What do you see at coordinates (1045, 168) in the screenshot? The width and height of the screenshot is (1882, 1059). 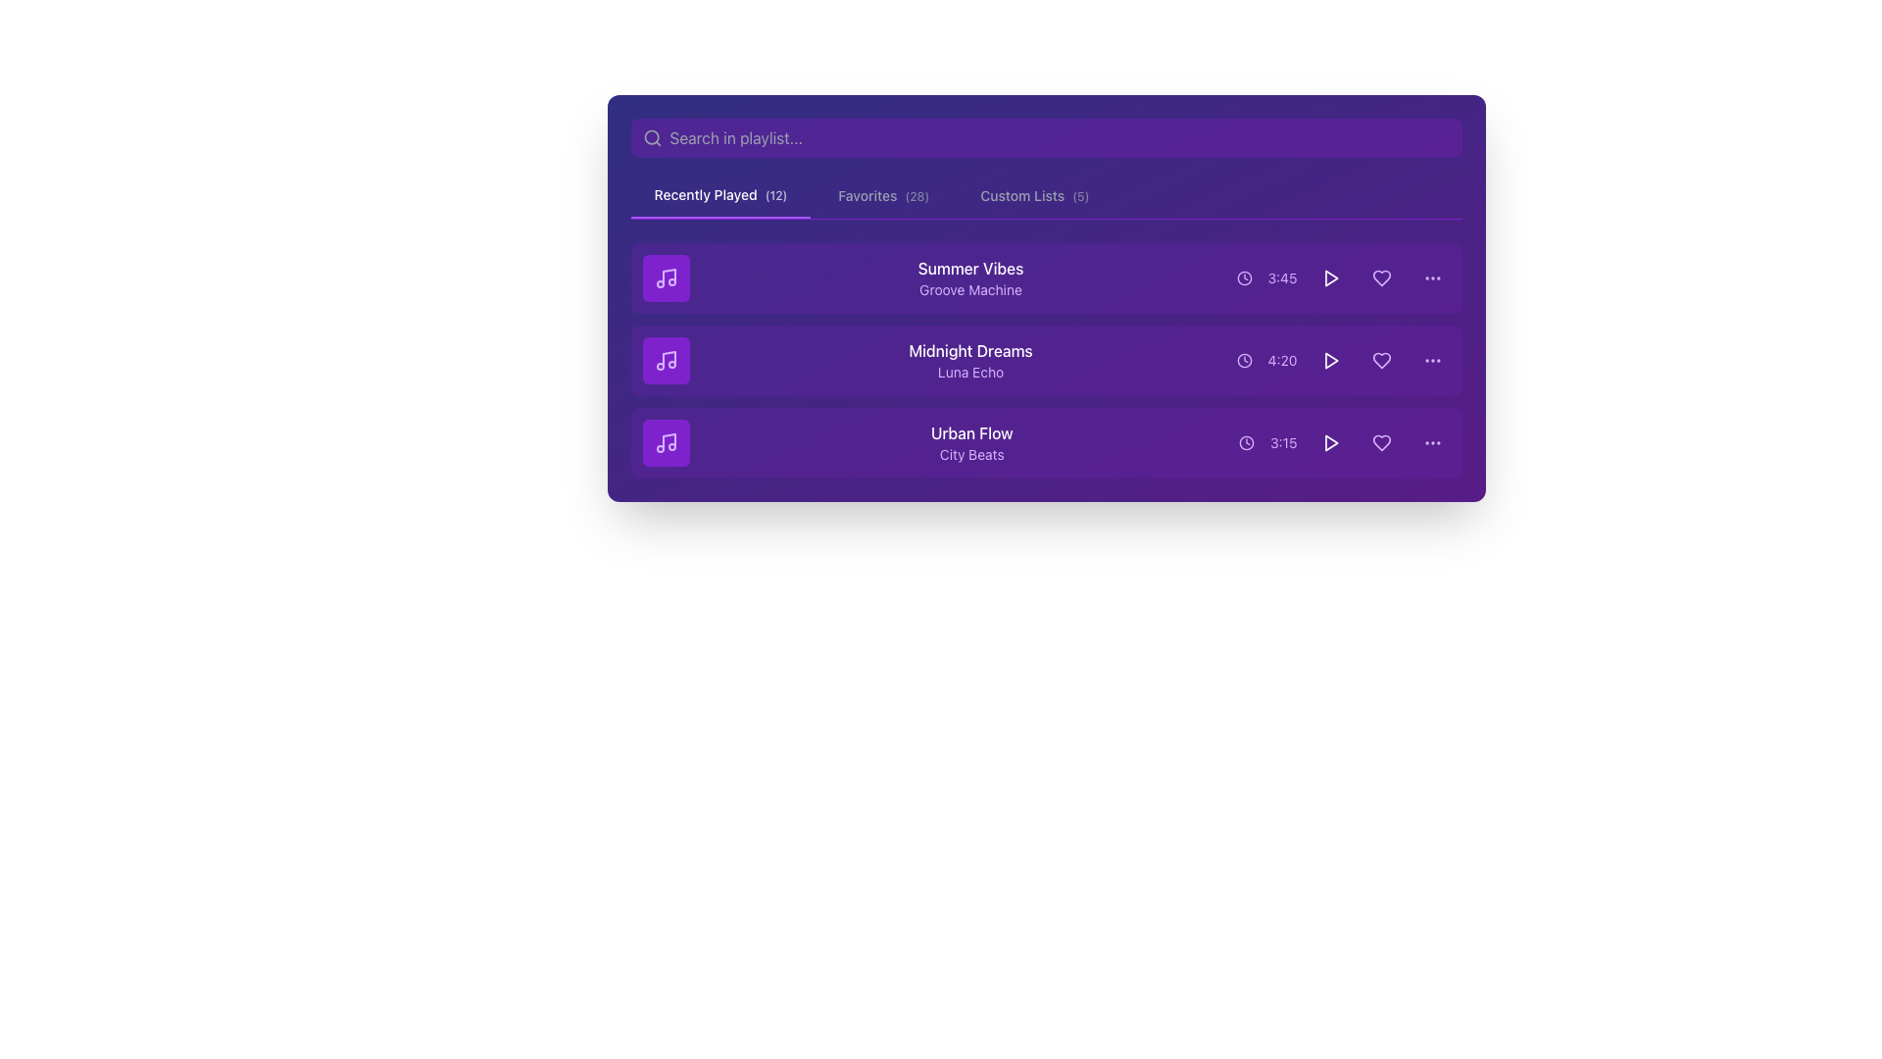 I see `the Tab navigation bar located at the upper central section of the interface` at bounding box center [1045, 168].